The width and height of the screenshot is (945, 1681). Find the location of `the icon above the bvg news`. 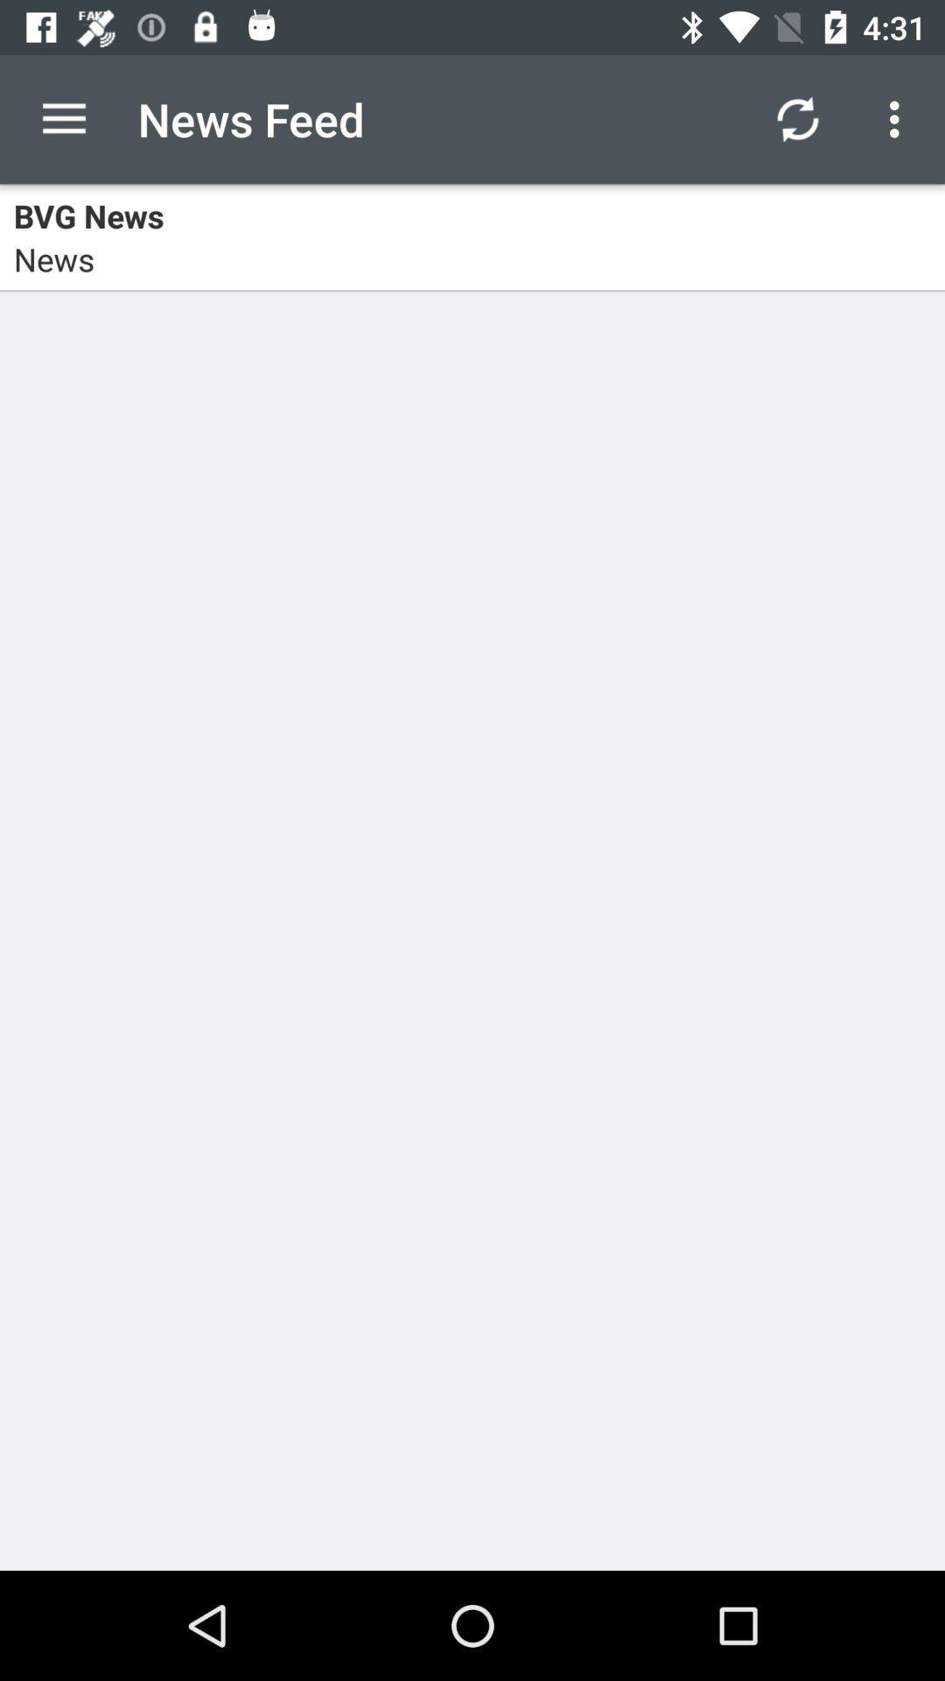

the icon above the bvg news is located at coordinates (63, 118).